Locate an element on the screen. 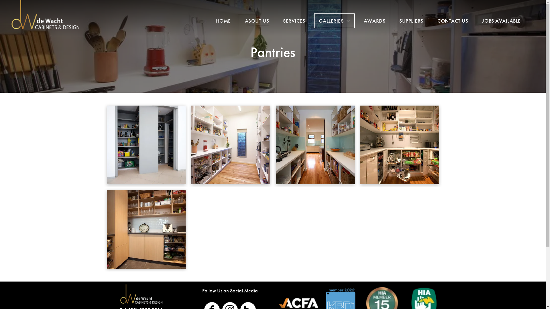 The height and width of the screenshot is (309, 550). 'SUPPLIERS' is located at coordinates (394, 20).